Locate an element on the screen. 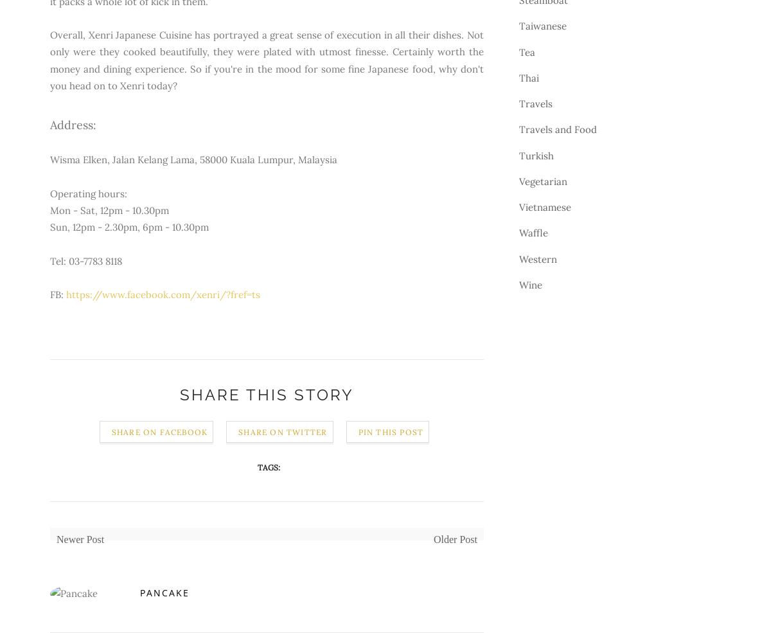  'Taiwanese' is located at coordinates (519, 25).